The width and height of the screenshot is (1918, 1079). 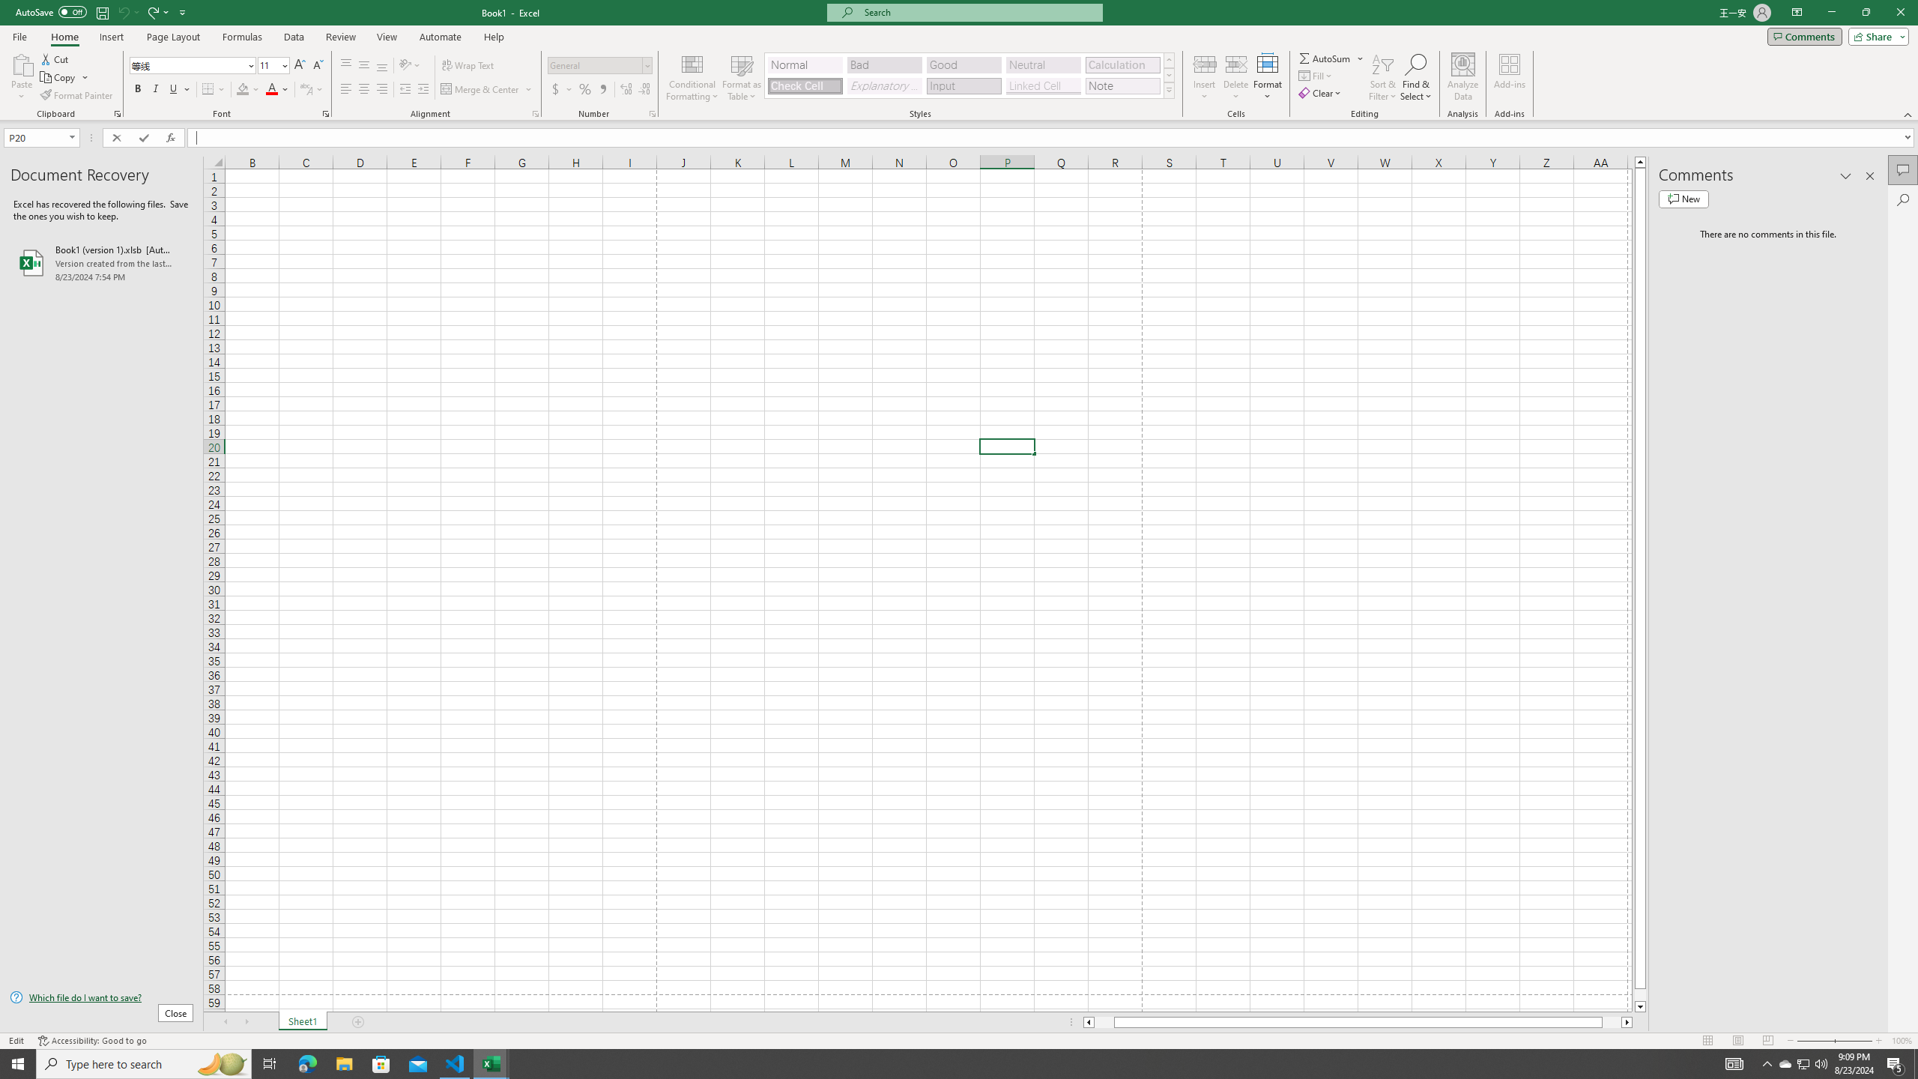 What do you see at coordinates (385, 37) in the screenshot?
I see `'View'` at bounding box center [385, 37].